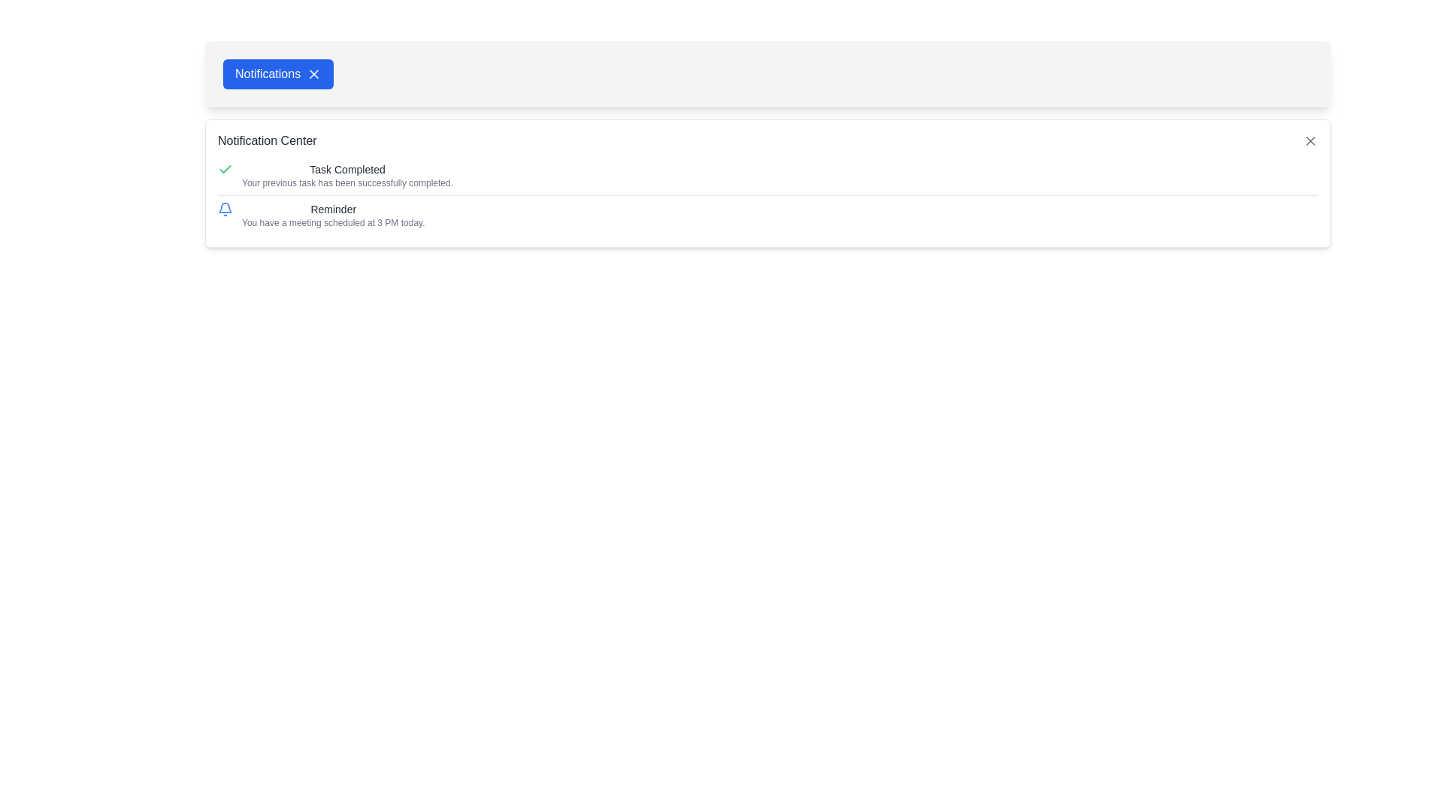  I want to click on the close button located at the top-right corner of the 'Notification Center' panel, so click(1309, 141).